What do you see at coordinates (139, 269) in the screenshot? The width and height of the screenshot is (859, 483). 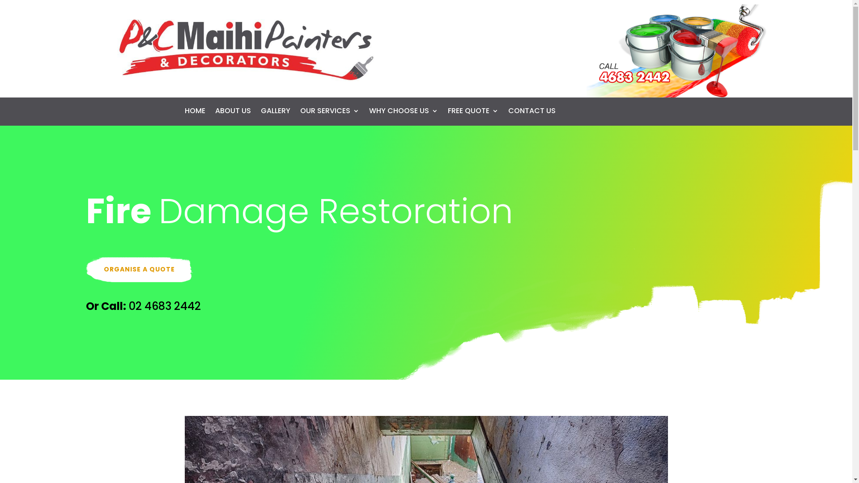 I see `'ORGANISE A QUOTE'` at bounding box center [139, 269].